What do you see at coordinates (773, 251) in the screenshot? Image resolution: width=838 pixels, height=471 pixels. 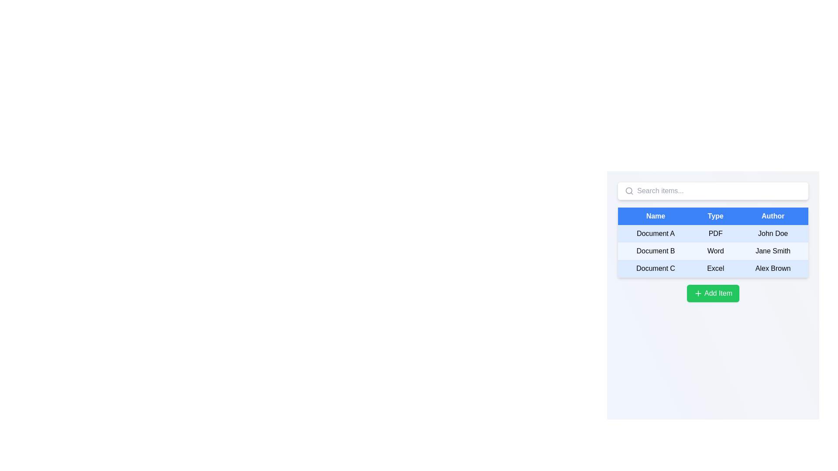 I see `the text displaying the author associated with 'Document B' in the second row of the table under the 'Author' heading` at bounding box center [773, 251].